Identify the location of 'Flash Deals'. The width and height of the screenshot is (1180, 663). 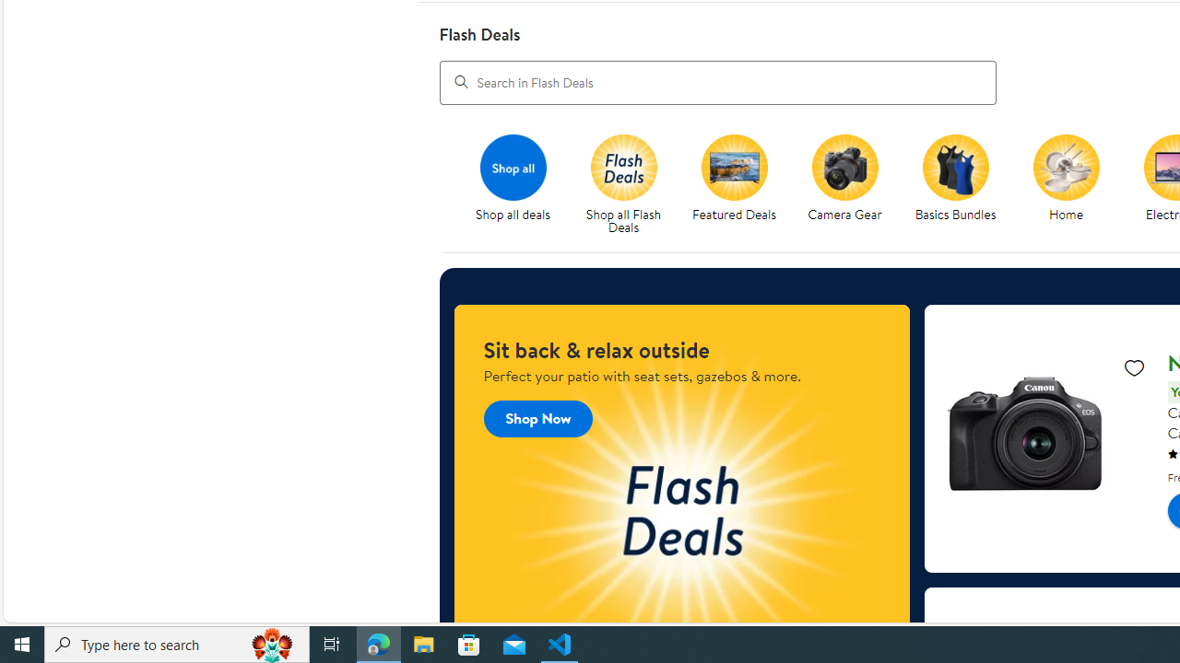
(623, 167).